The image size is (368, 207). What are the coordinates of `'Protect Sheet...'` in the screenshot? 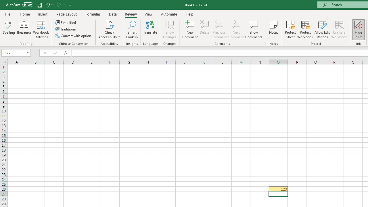 It's located at (290, 30).